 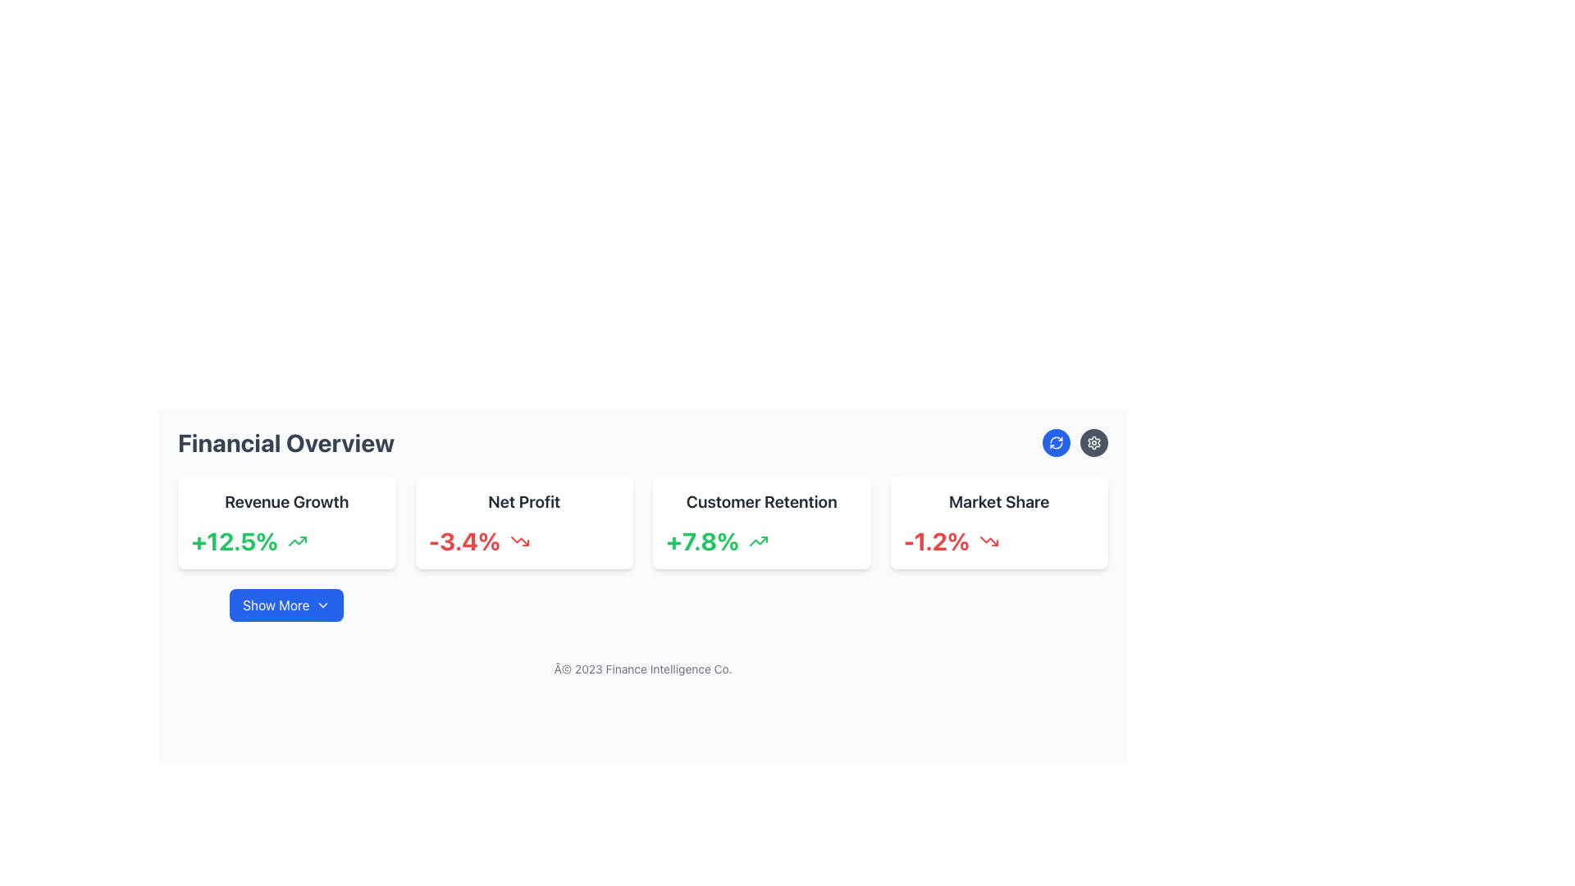 What do you see at coordinates (1094, 443) in the screenshot?
I see `the settings icon located at the top-right corner of the main dashboard view, which is enclosed in a circular background and slightly shifted to the right of the 'refresh' icon` at bounding box center [1094, 443].